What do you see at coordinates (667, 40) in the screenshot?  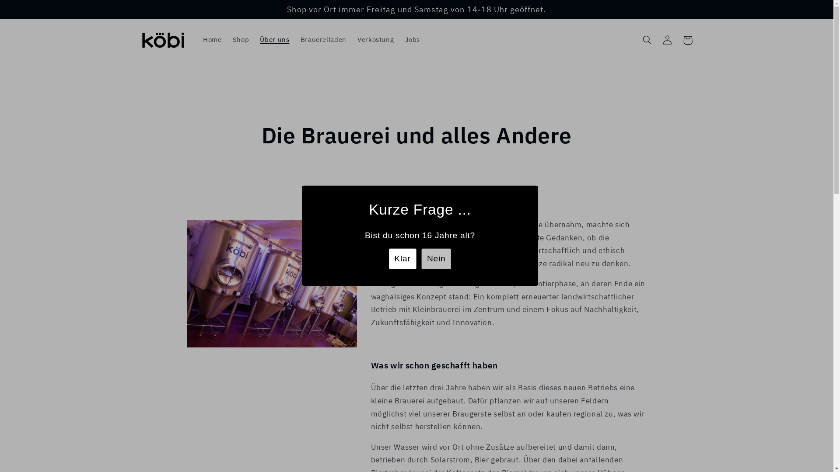 I see `'Einloggen'` at bounding box center [667, 40].